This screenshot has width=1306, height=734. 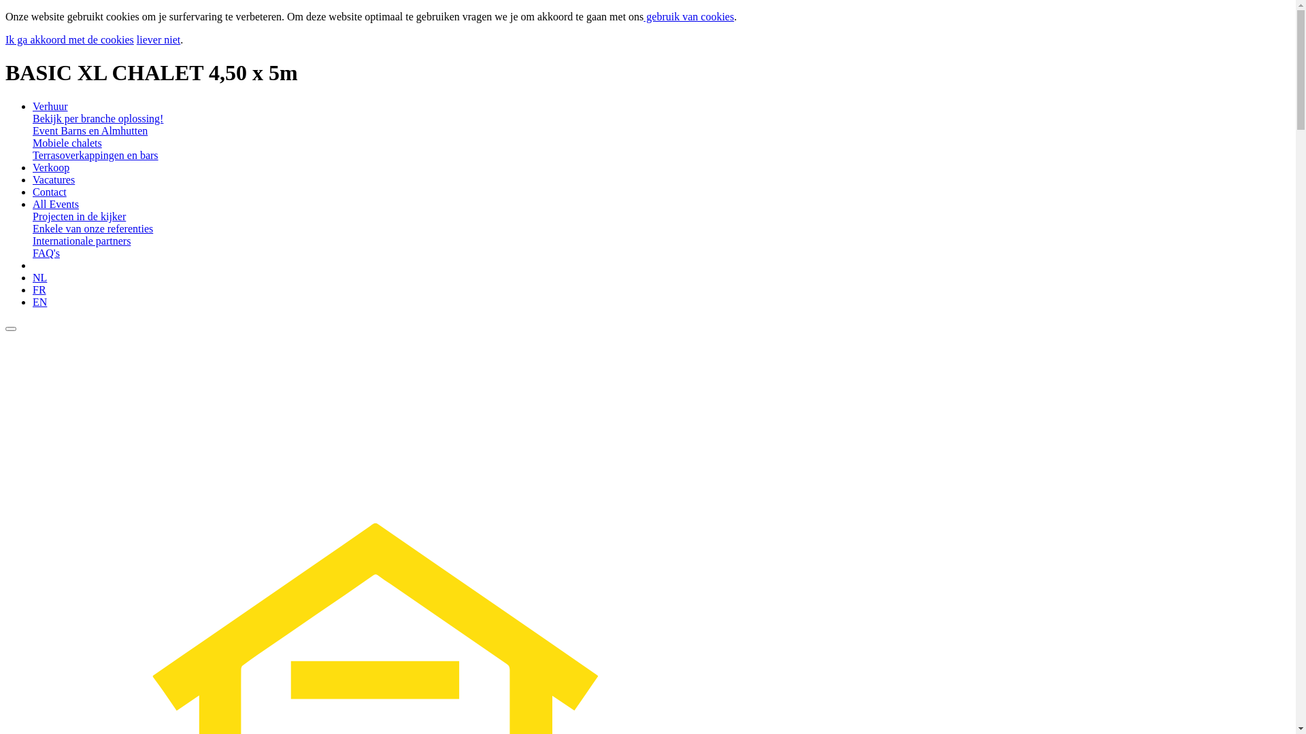 What do you see at coordinates (53, 179) in the screenshot?
I see `'Vacatures'` at bounding box center [53, 179].